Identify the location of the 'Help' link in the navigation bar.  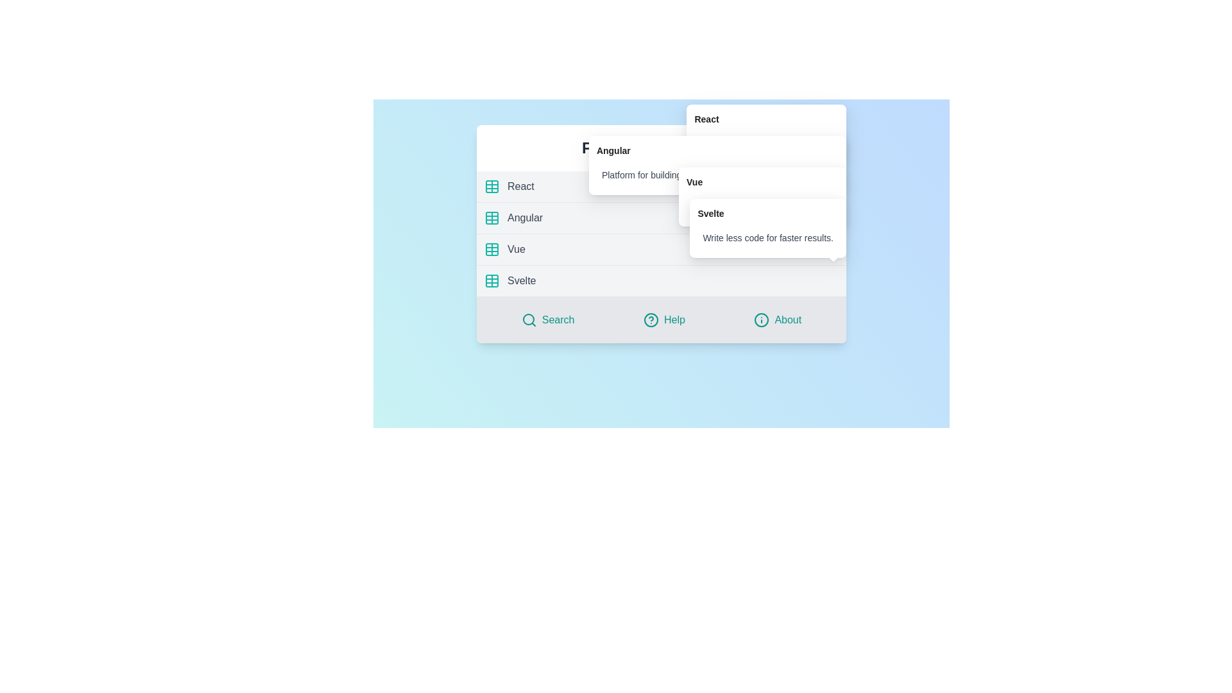
(662, 319).